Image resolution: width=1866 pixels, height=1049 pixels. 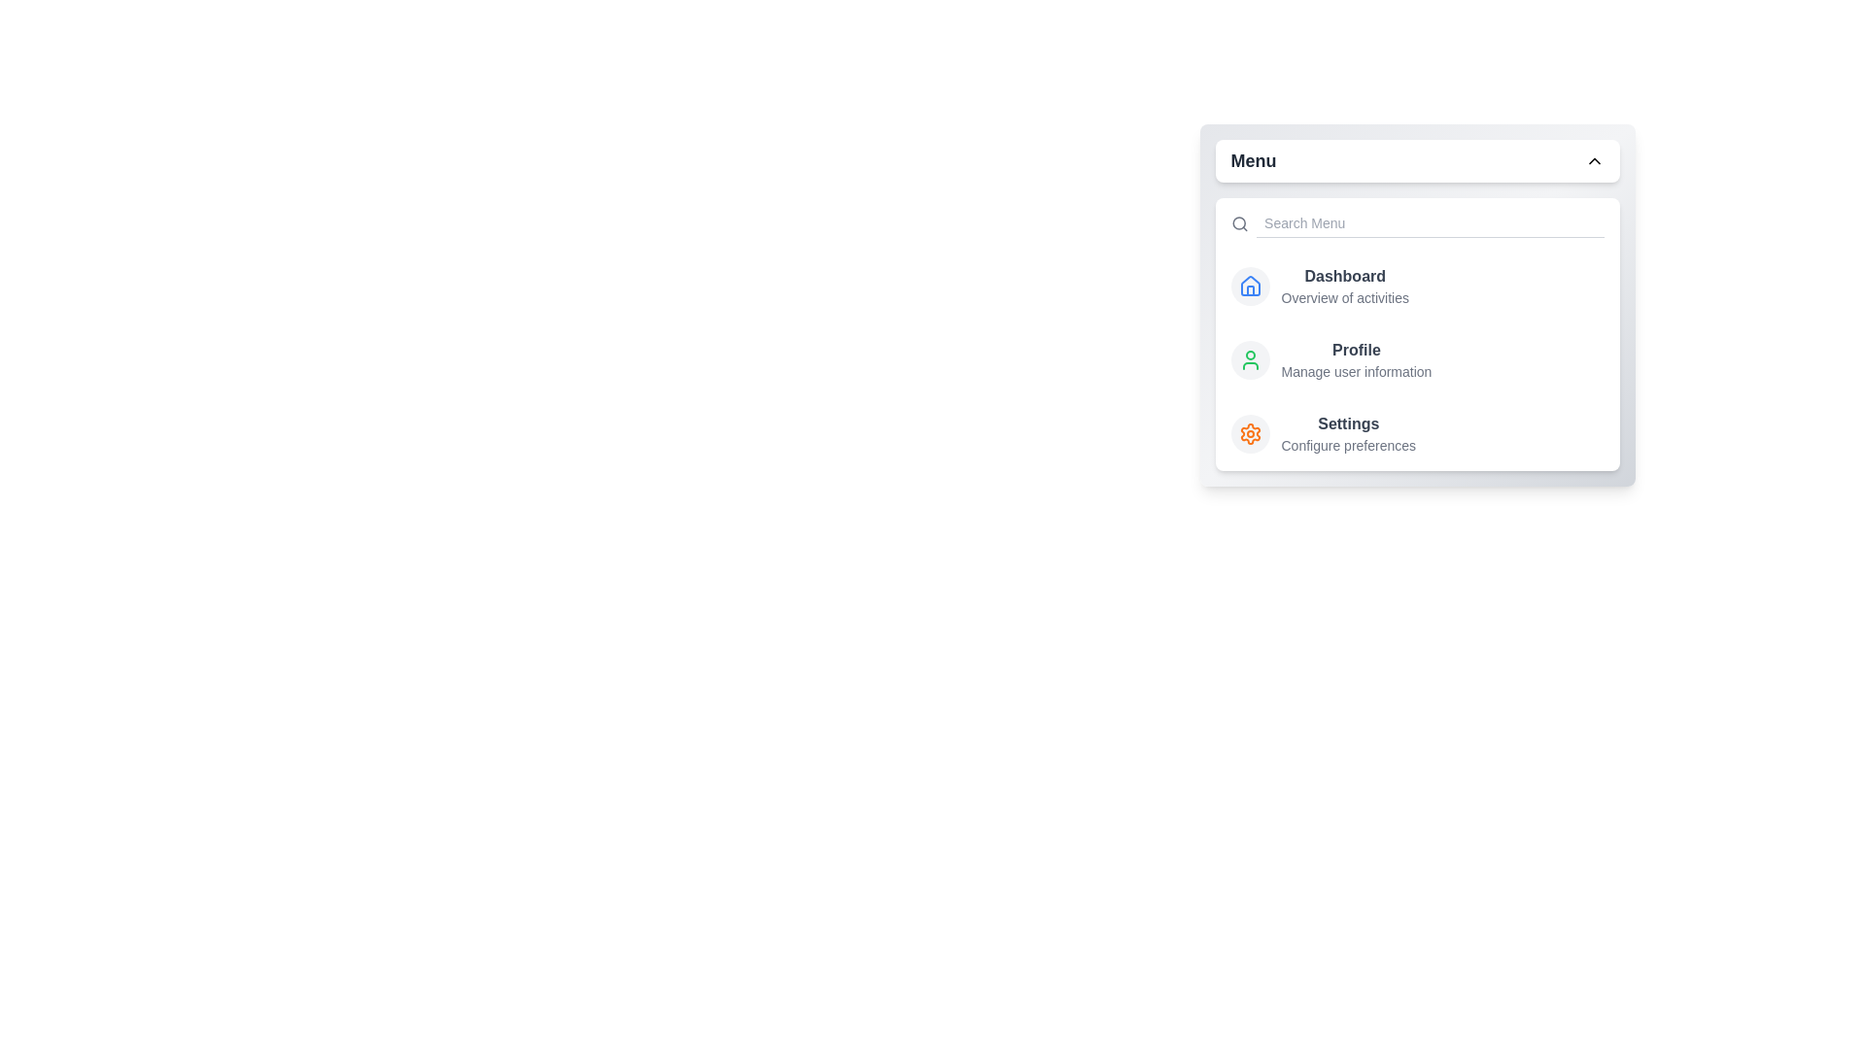 What do you see at coordinates (1417, 159) in the screenshot?
I see `the menu header to toggle the menu visibility` at bounding box center [1417, 159].